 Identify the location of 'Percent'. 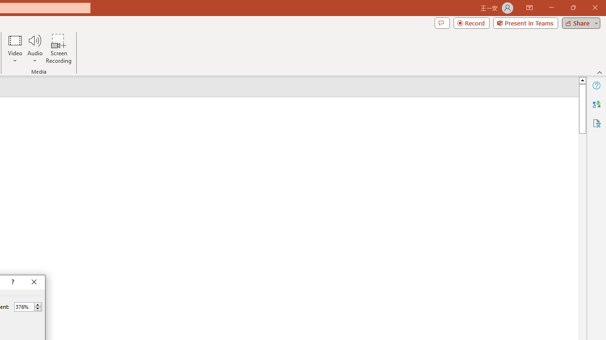
(24, 306).